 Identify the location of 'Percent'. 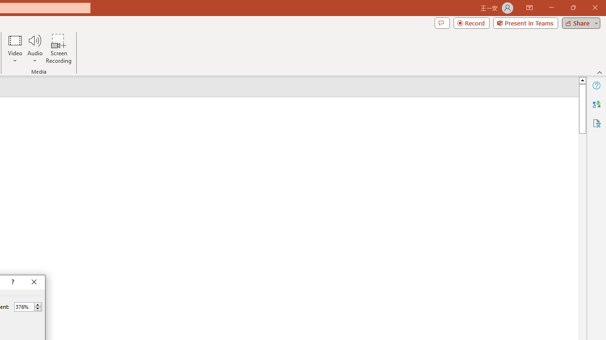
(24, 306).